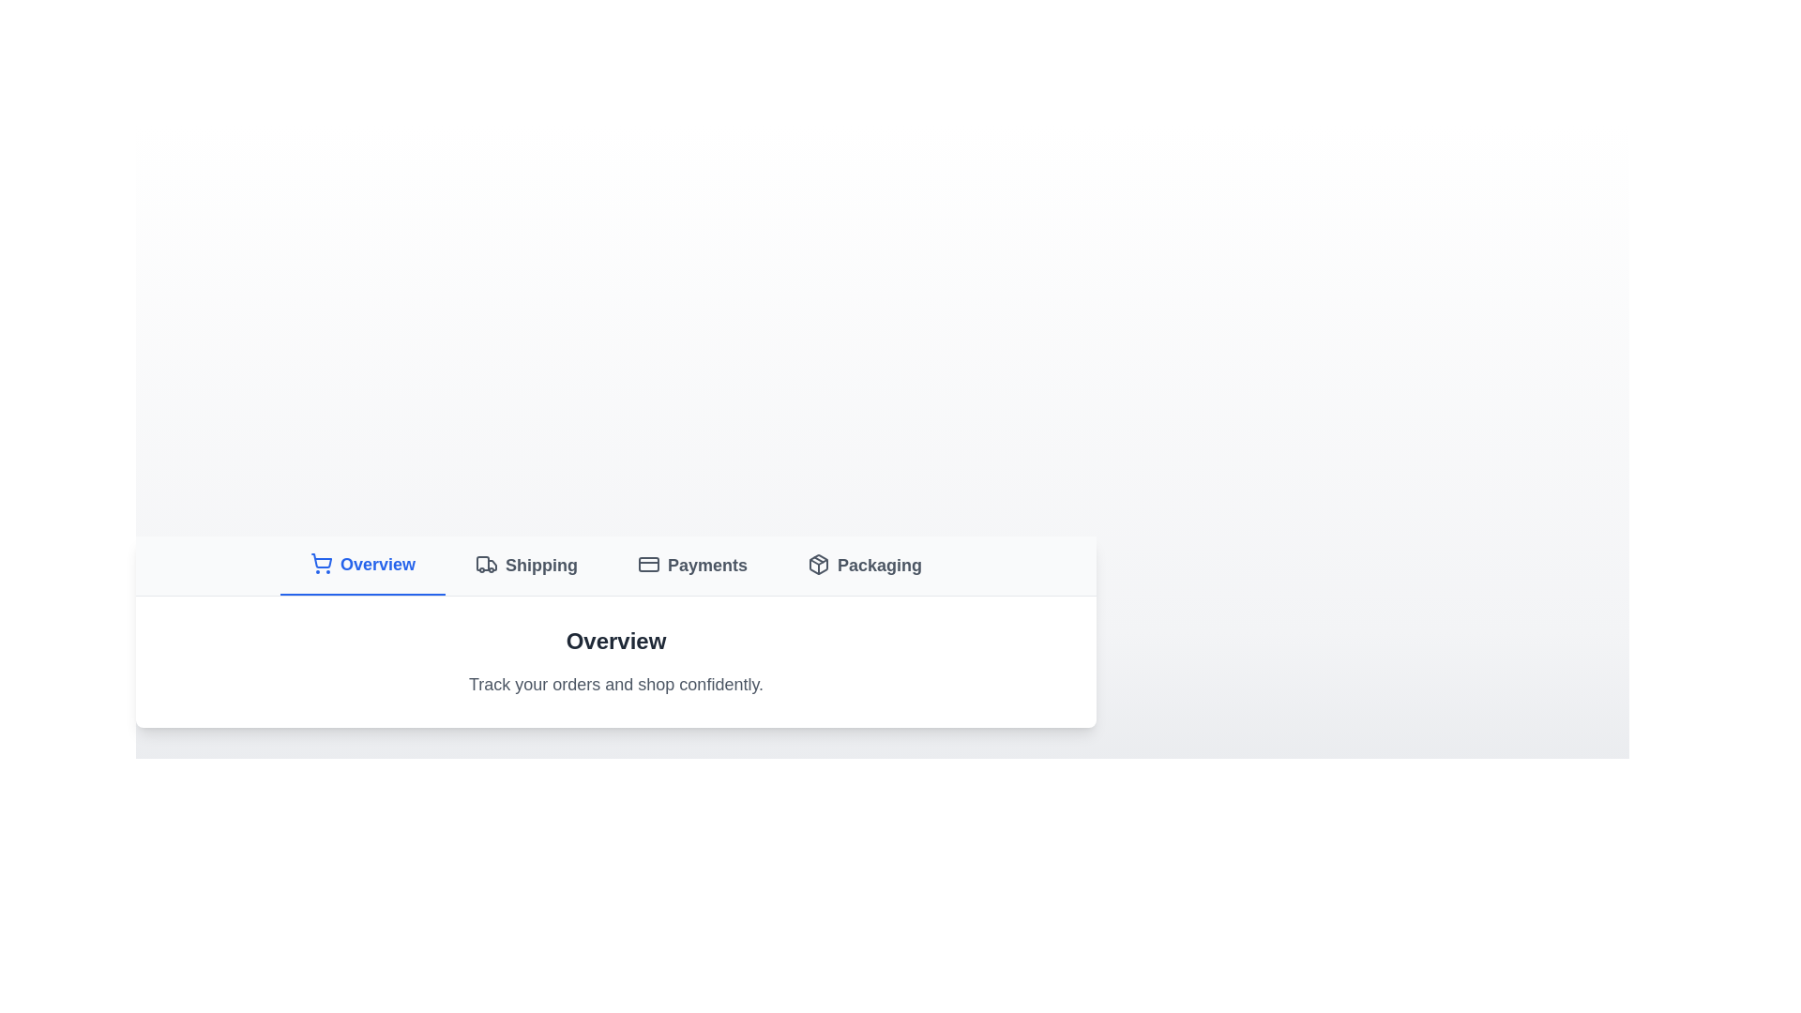 Image resolution: width=1801 pixels, height=1013 pixels. I want to click on the Packaging tab, so click(863, 565).